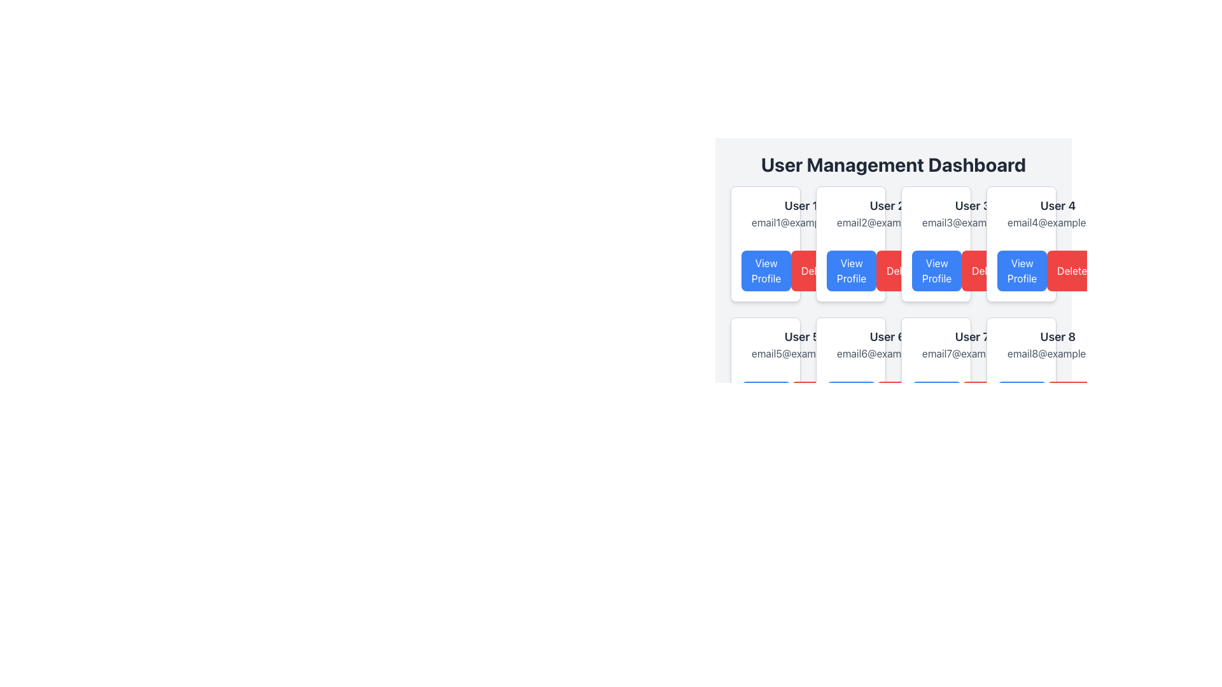 Image resolution: width=1222 pixels, height=687 pixels. What do you see at coordinates (936, 345) in the screenshot?
I see `the Text Display element that shows user-related information, located in the second row and seventh column of the User Management Dashboard, above the 'View Profile' and 'Delete' buttons` at bounding box center [936, 345].